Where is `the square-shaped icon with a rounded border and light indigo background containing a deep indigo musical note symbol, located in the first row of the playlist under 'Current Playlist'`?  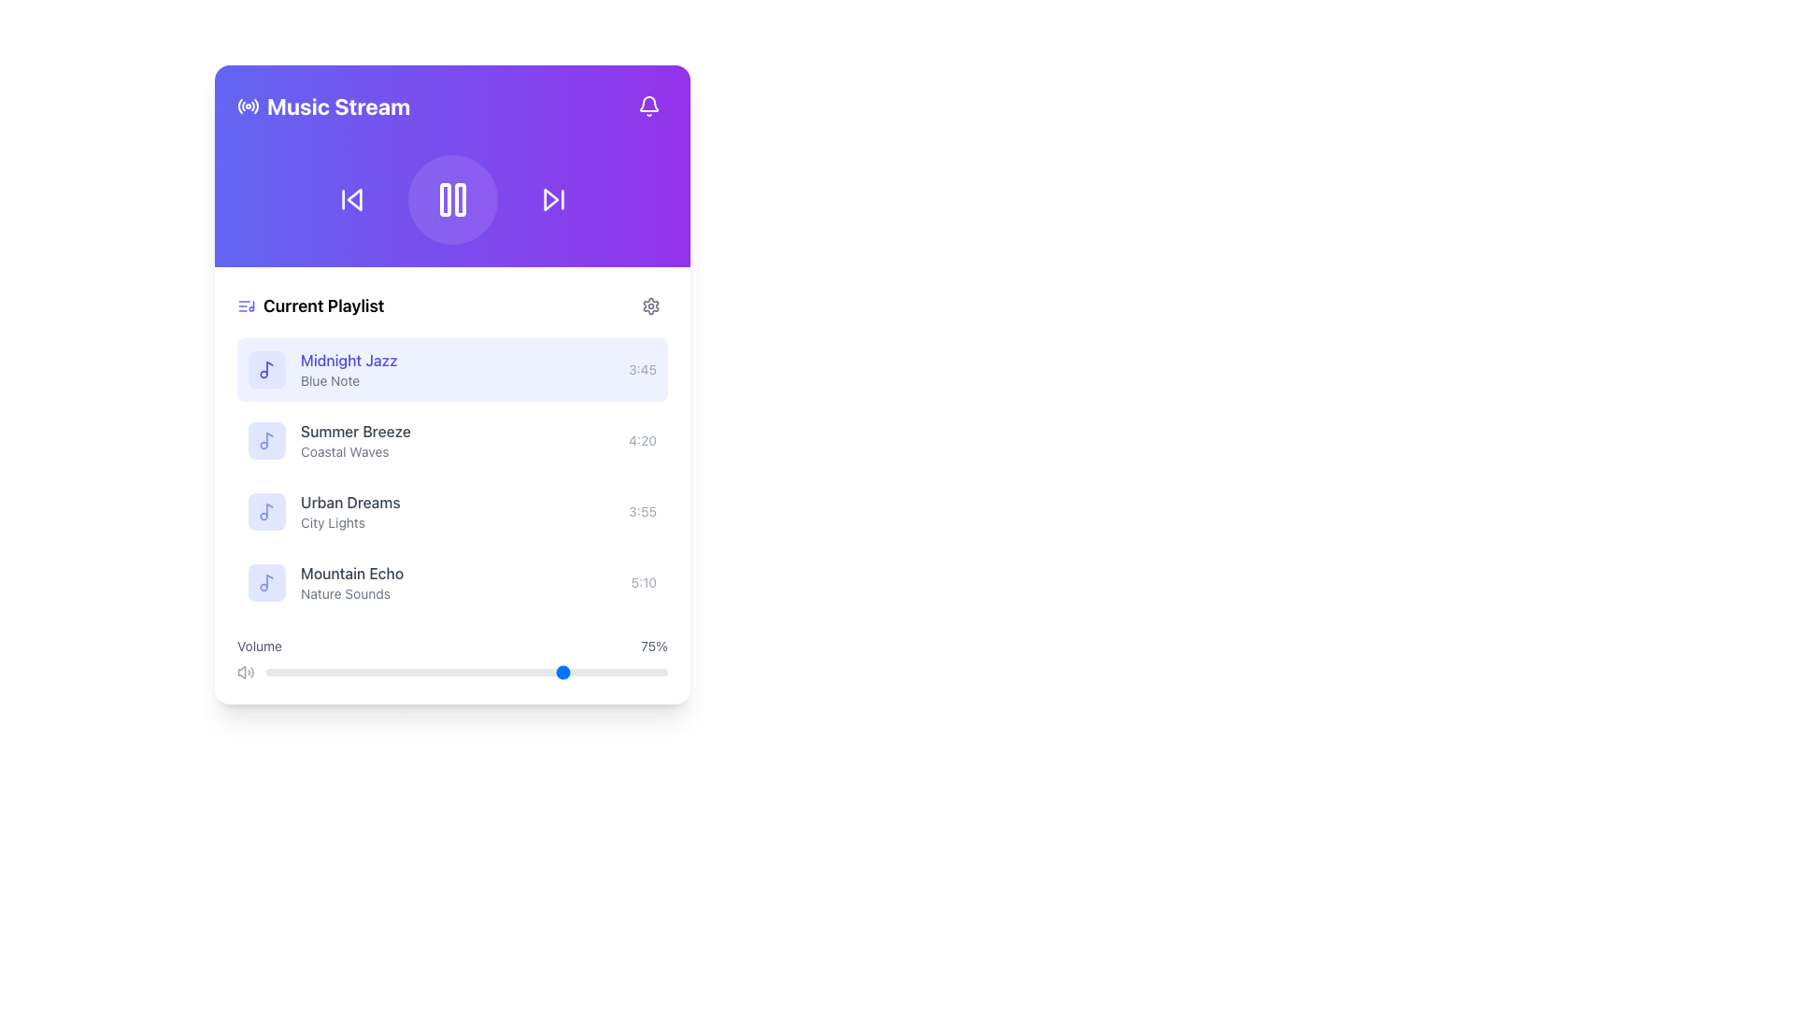
the square-shaped icon with a rounded border and light indigo background containing a deep indigo musical note symbol, located in the first row of the playlist under 'Current Playlist' is located at coordinates (266, 370).